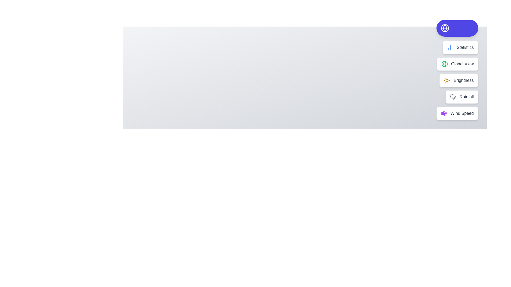 The width and height of the screenshot is (511, 287). Describe the element at coordinates (460, 47) in the screenshot. I see `the action Statistics from the speed dial` at that location.